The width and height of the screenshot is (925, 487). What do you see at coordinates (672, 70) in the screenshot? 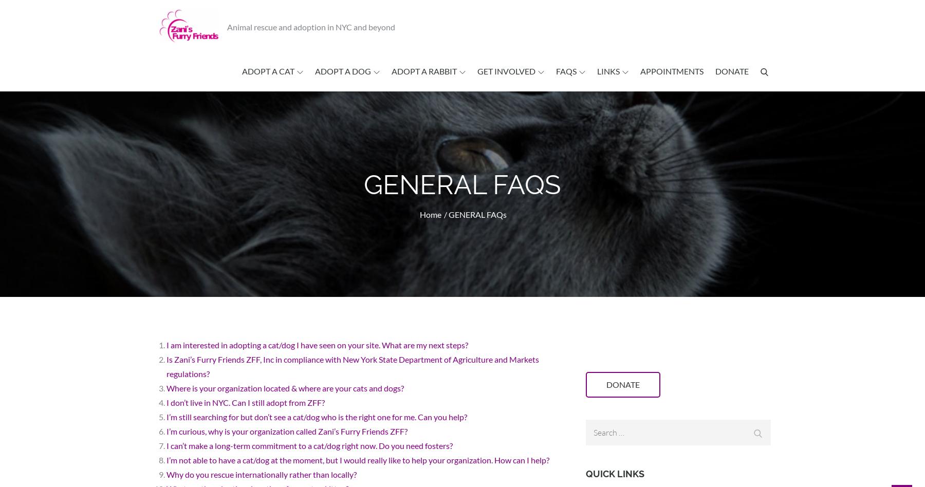
I see `'Appointments'` at bounding box center [672, 70].